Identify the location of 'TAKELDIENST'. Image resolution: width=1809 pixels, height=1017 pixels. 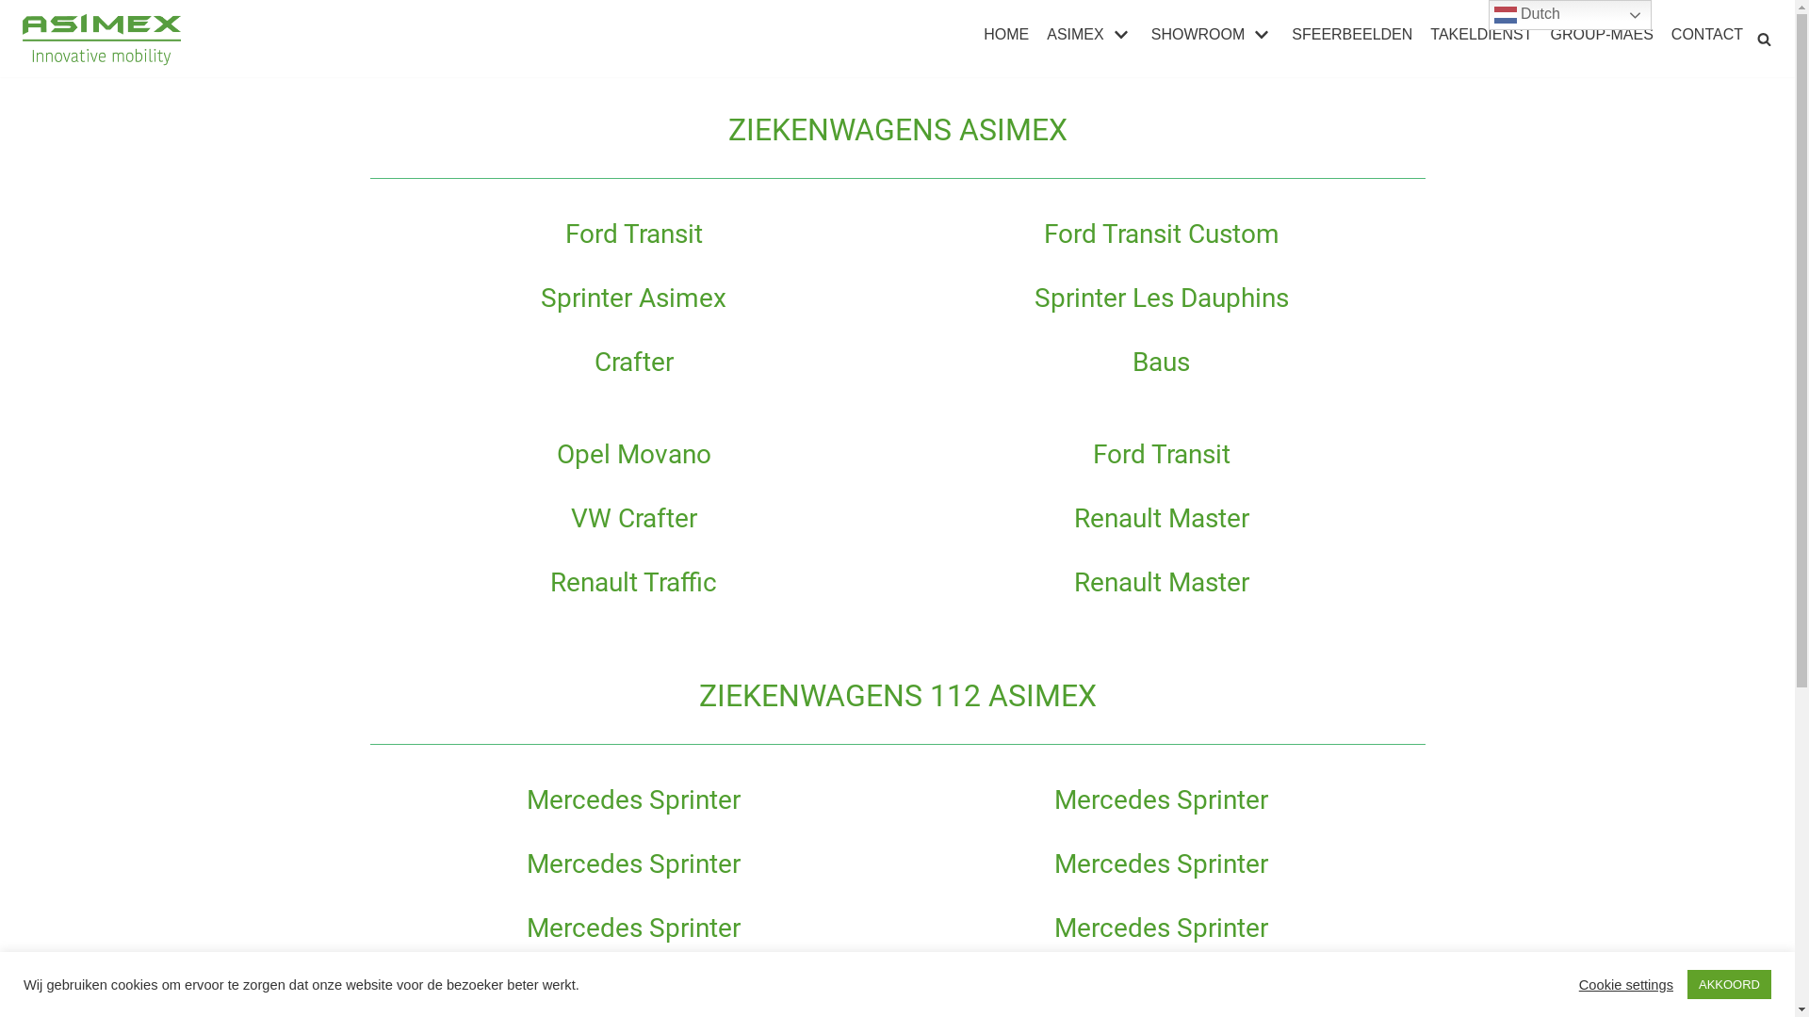
(1480, 35).